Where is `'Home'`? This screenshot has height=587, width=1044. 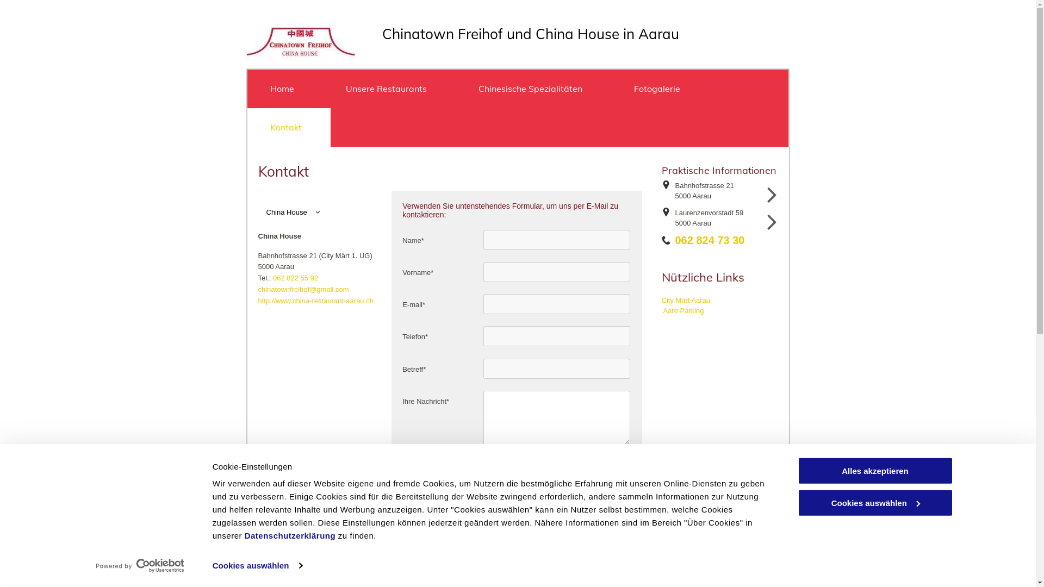 'Home' is located at coordinates (246, 88).